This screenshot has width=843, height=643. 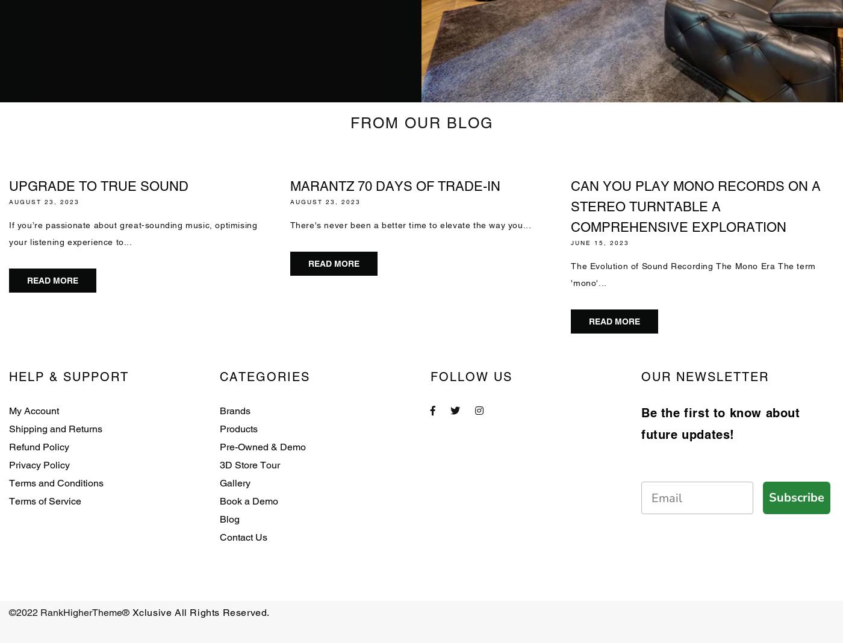 What do you see at coordinates (695, 206) in the screenshot?
I see `'Can You Play Mono Records On A Stereo Turntable A Comprehensive Exploration'` at bounding box center [695, 206].